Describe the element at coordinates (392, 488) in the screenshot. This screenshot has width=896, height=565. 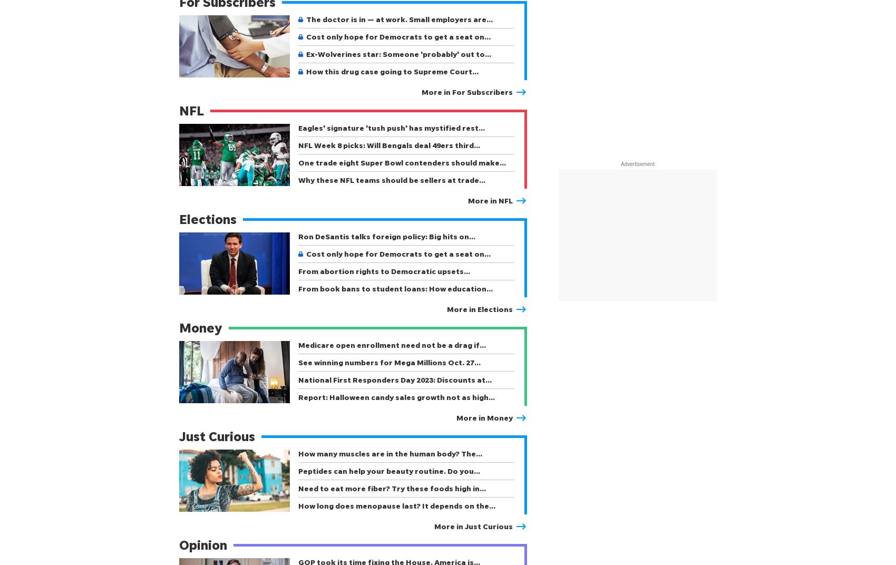
I see `'Need to eat more fiber? Try these foods high in…'` at that location.